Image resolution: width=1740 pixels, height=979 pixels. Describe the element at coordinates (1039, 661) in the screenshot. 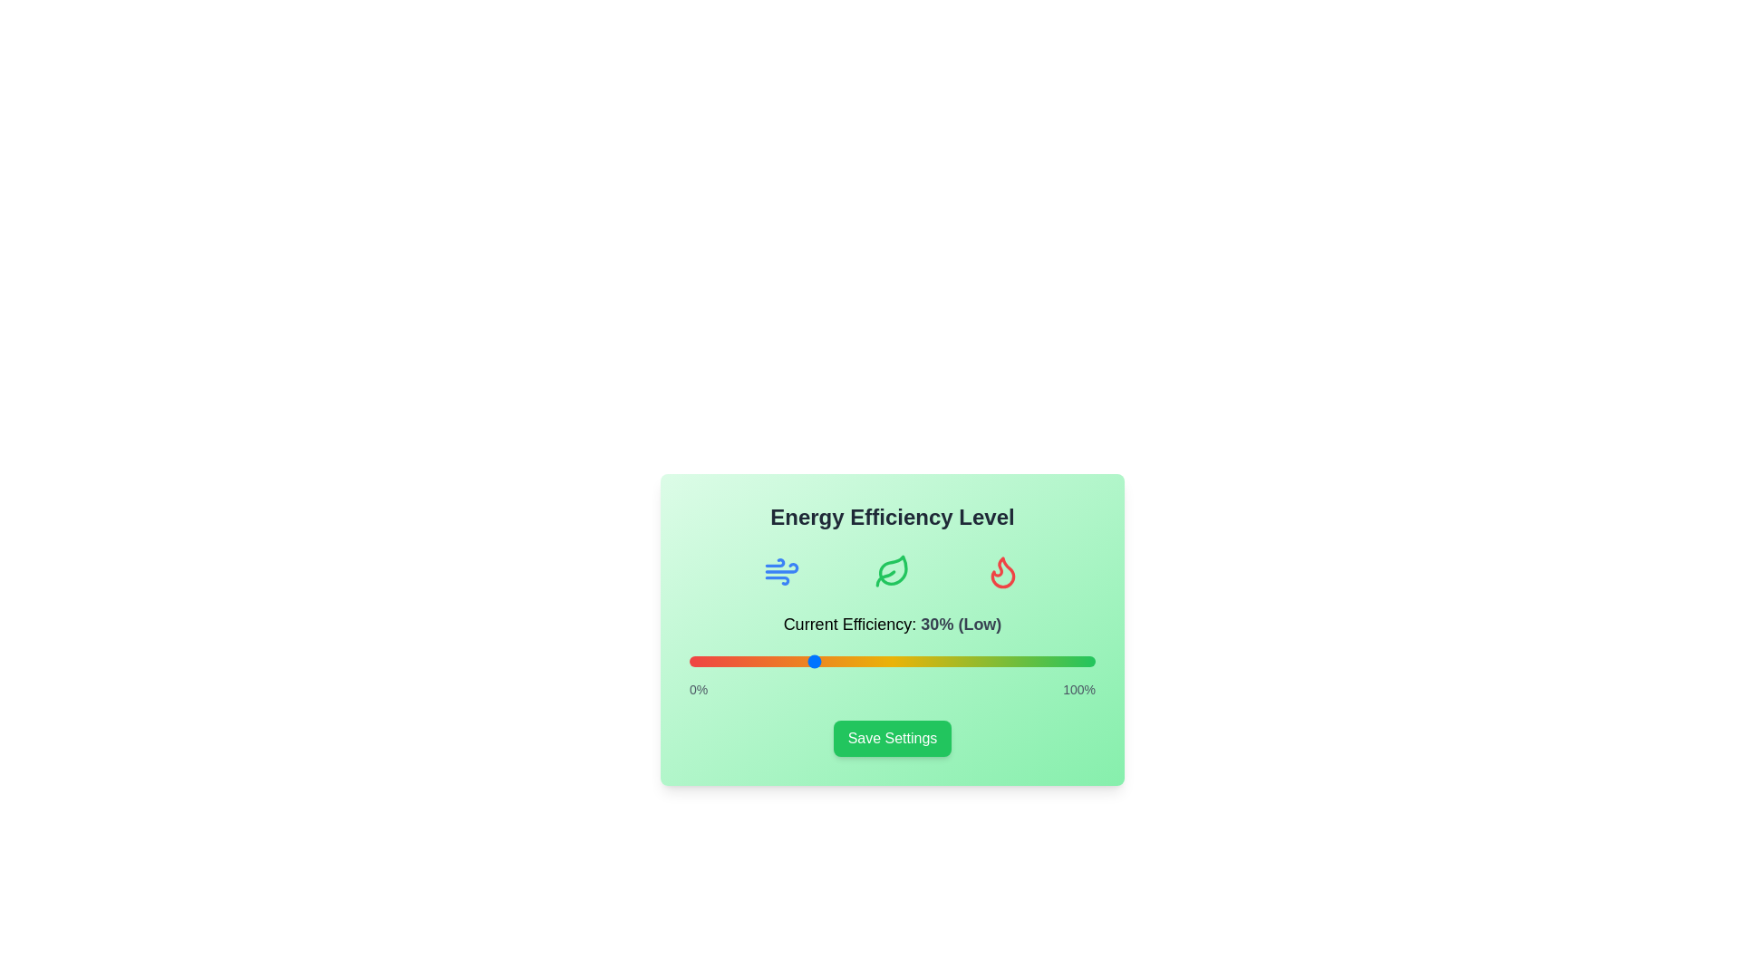

I see `the efficiency slider to 86%` at that location.